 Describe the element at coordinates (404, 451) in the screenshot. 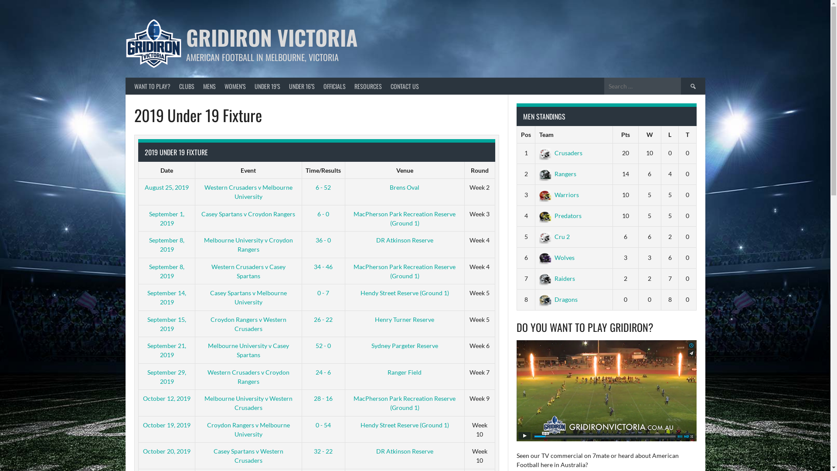

I see `'DR Atkinson Reserve'` at that location.